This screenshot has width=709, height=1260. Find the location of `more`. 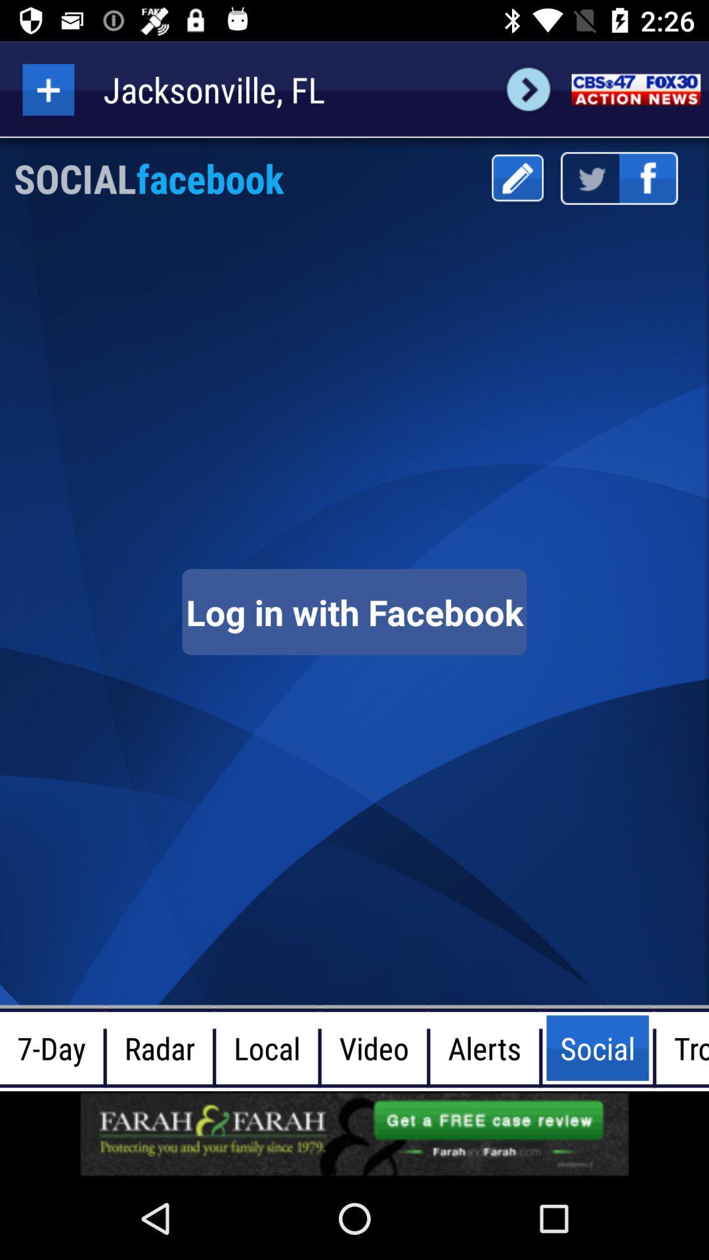

more is located at coordinates (47, 89).